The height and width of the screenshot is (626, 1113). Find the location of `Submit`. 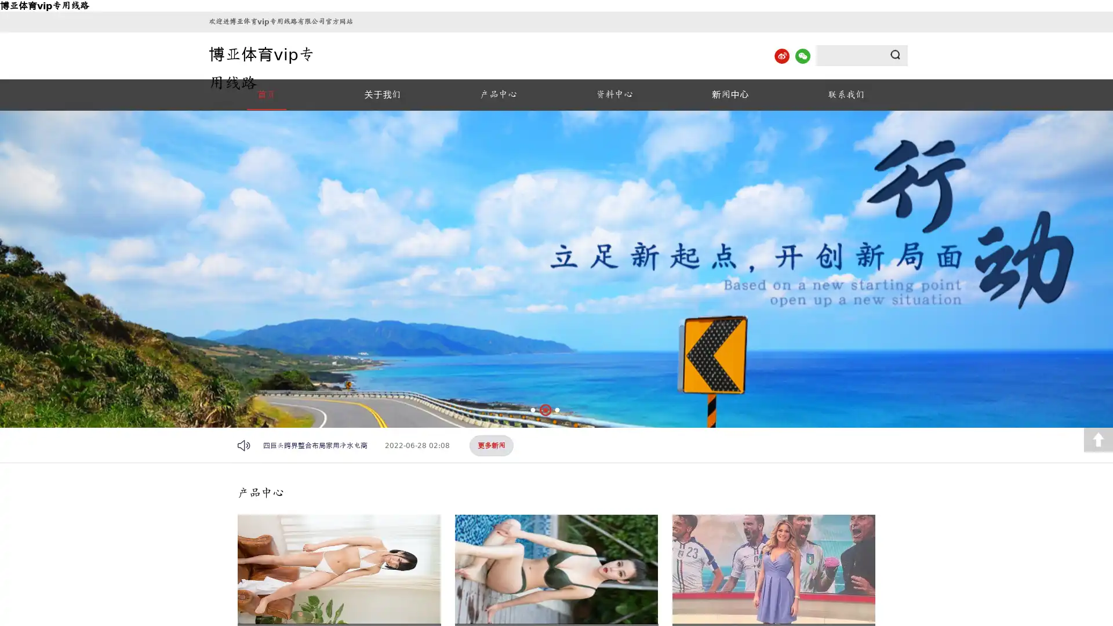

Submit is located at coordinates (895, 55).